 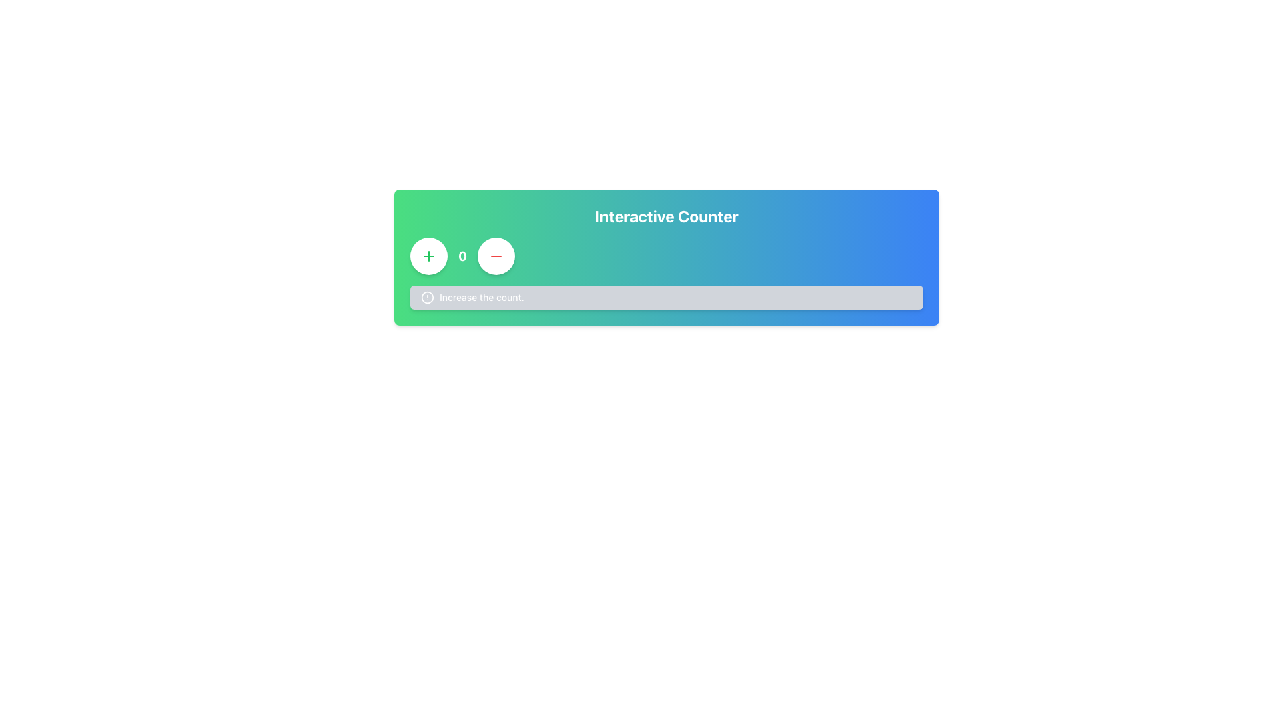 I want to click on the green circular '+' button located within the green-to-blue gradient rectangle to trigger hover effects, so click(x=428, y=256).